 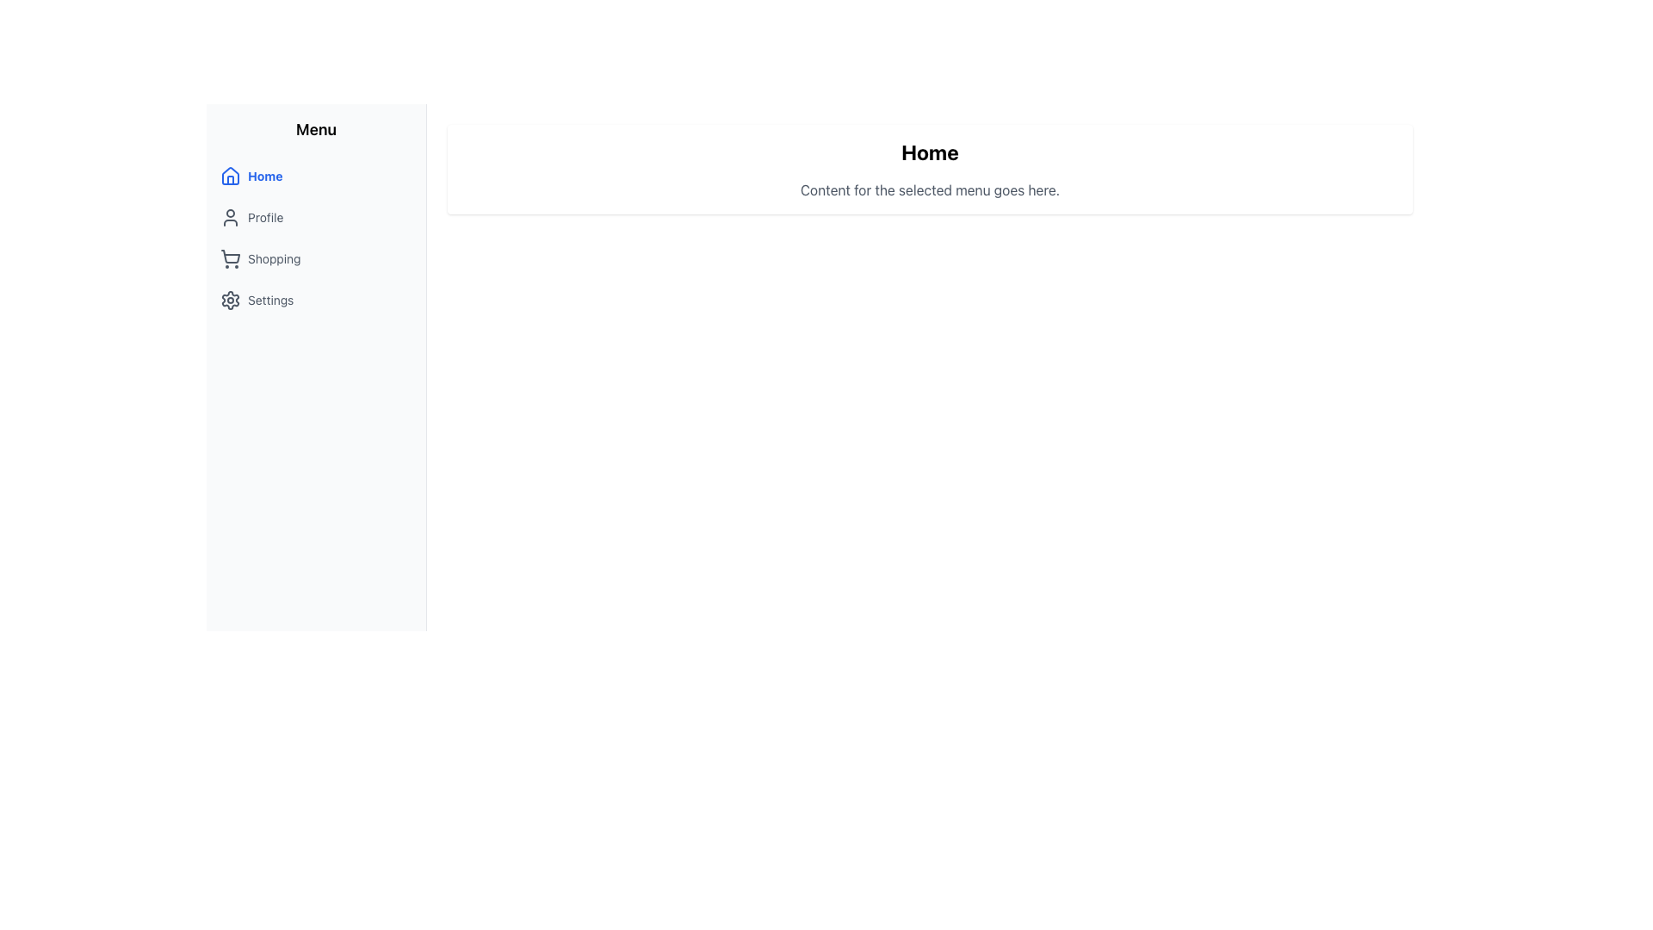 What do you see at coordinates (230, 256) in the screenshot?
I see `the shopping icon located in the sidebar menu under the 'Shopping' label to interact with the shopping feature` at bounding box center [230, 256].